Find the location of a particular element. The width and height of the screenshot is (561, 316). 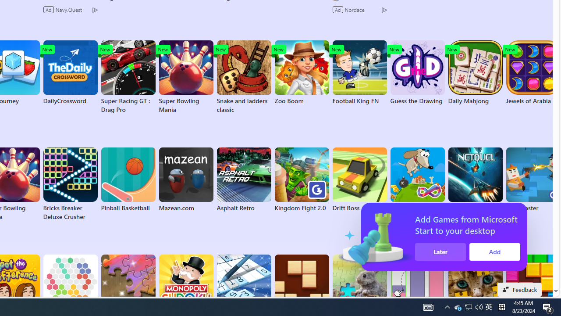

'Feedback' is located at coordinates (519, 289).